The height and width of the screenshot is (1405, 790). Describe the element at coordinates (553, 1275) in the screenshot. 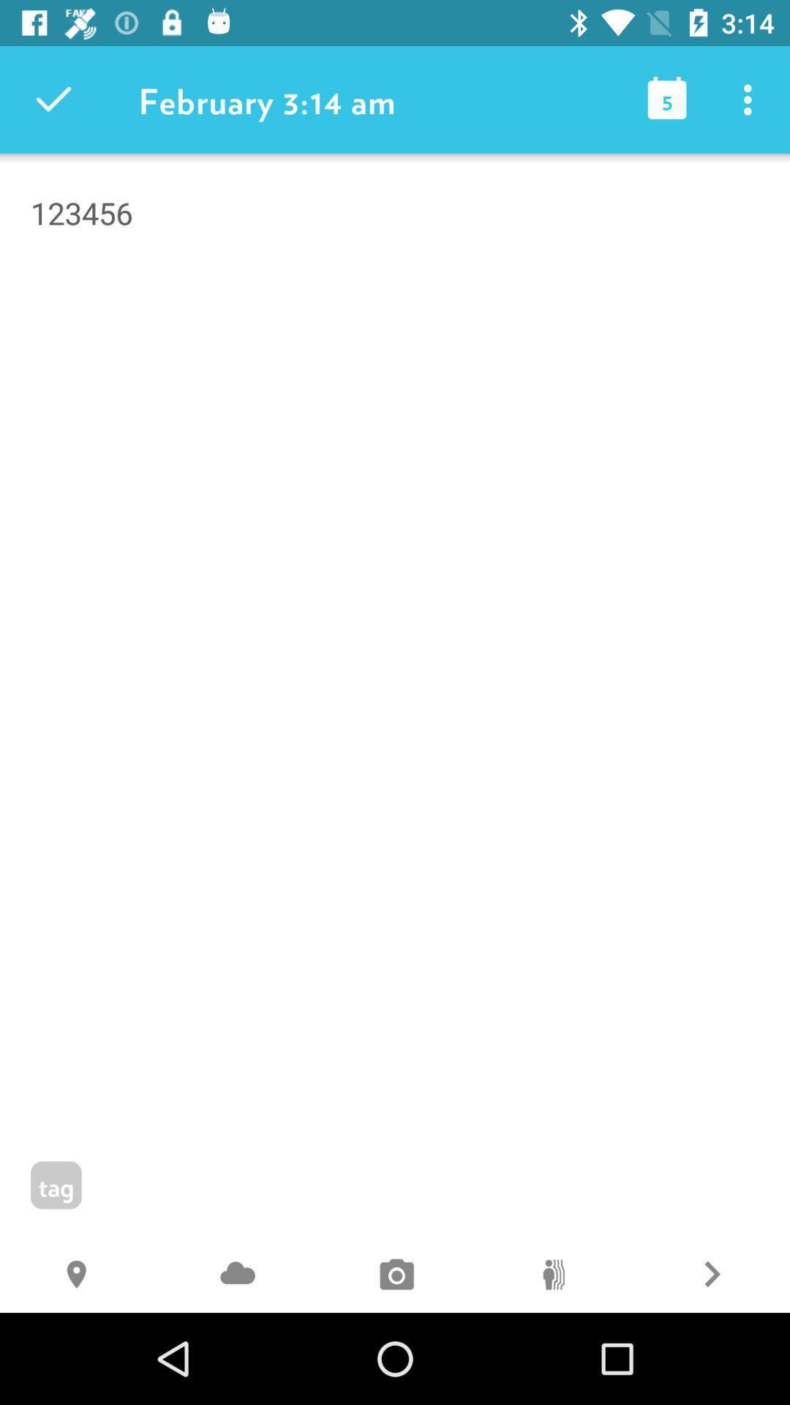

I see `the item below the 123456` at that location.